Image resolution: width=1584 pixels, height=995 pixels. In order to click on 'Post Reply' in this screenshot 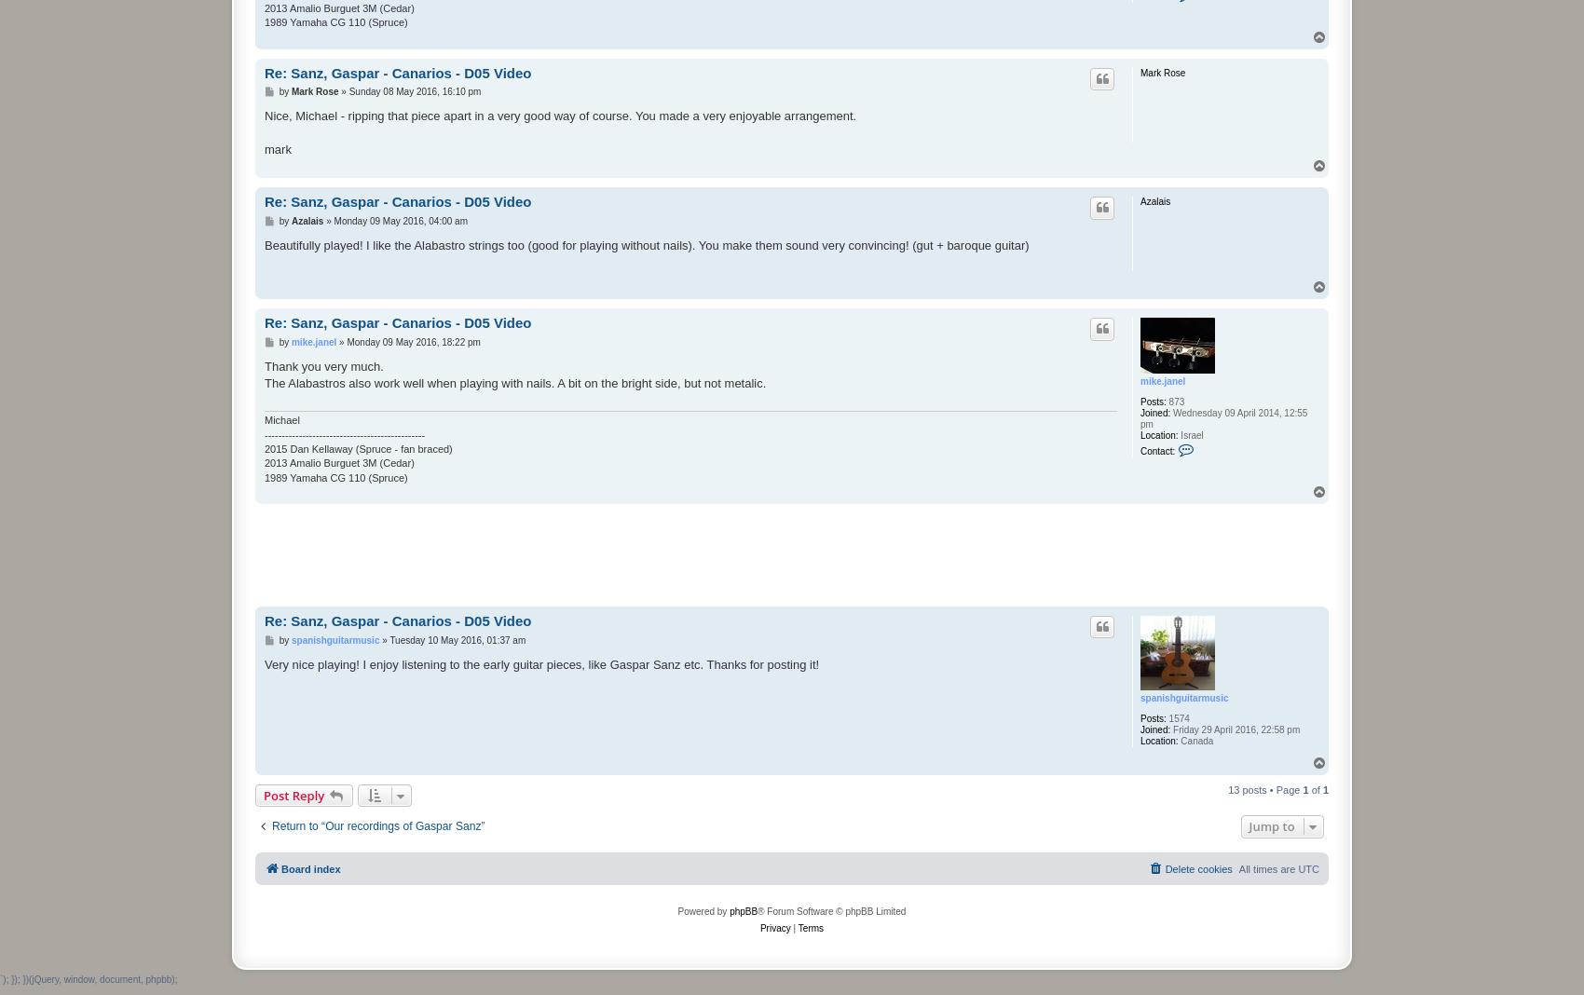, I will do `click(294, 794)`.